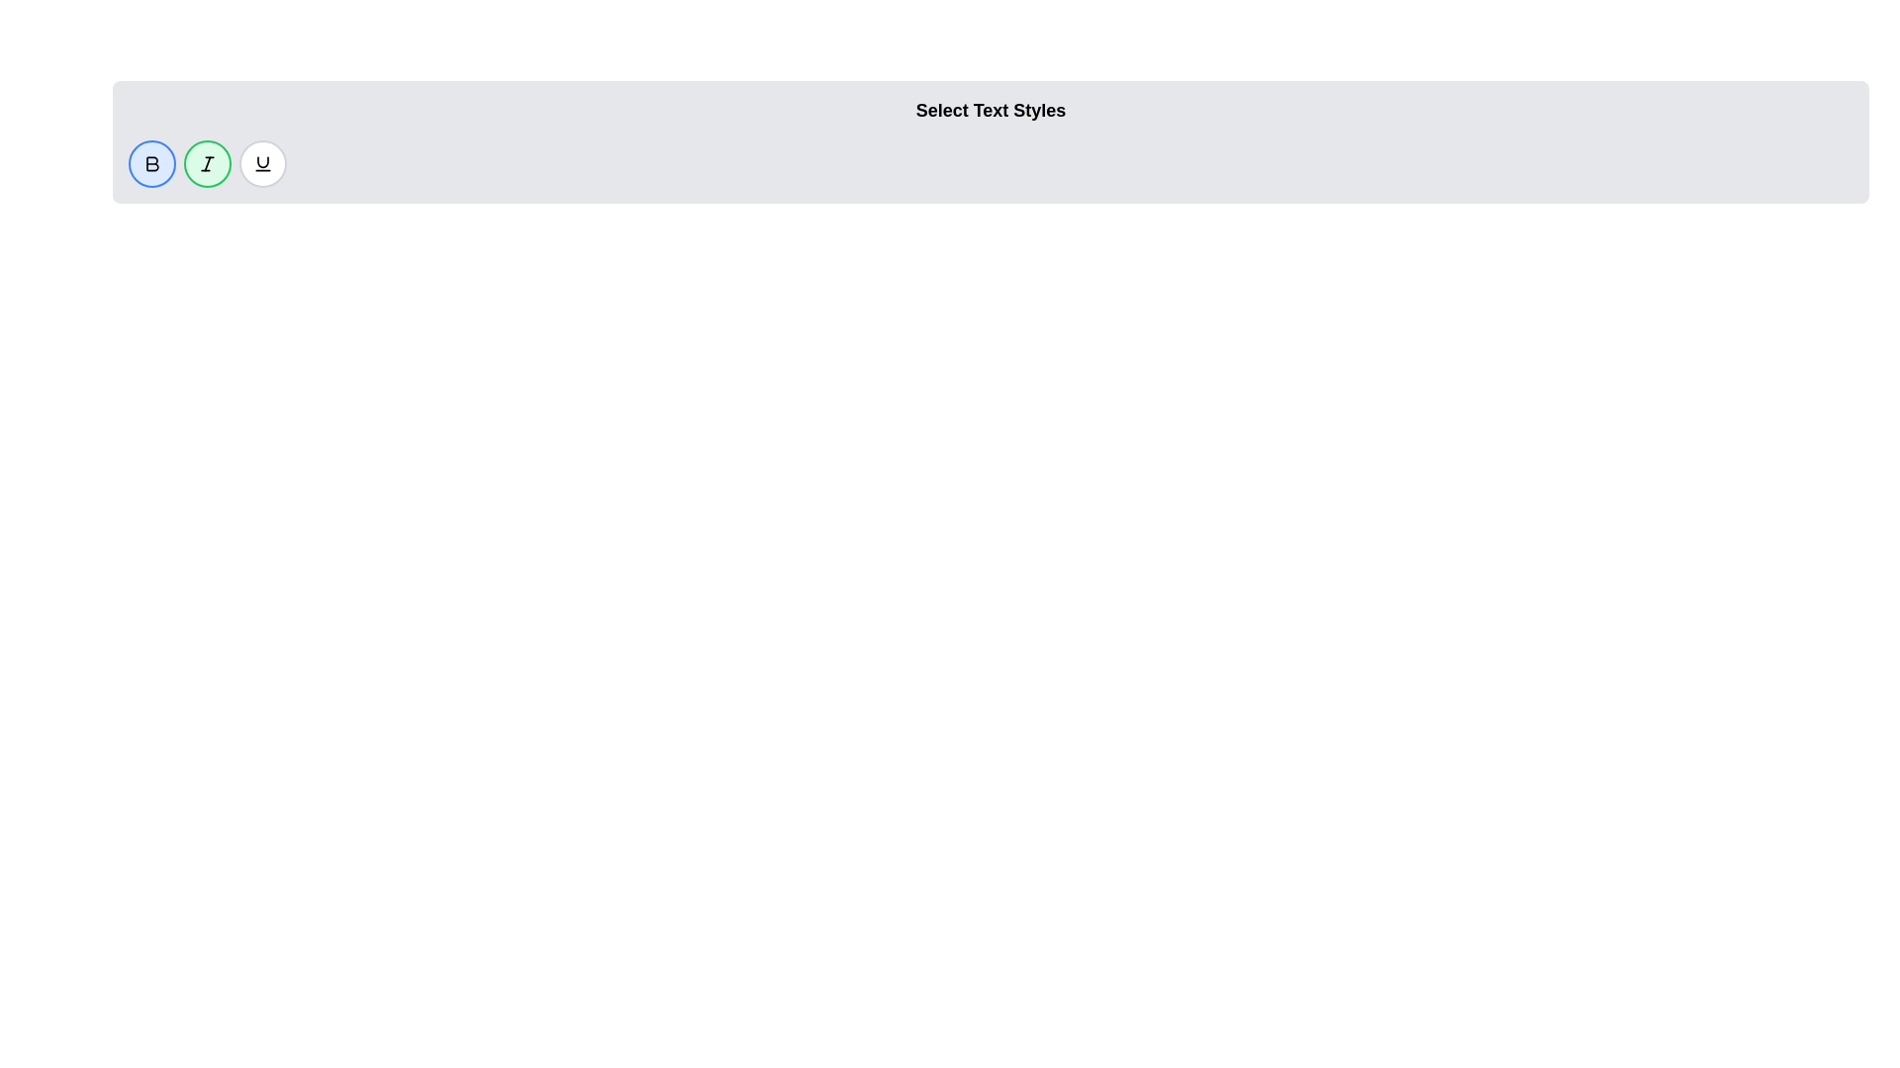 This screenshot has width=1900, height=1068. What do you see at coordinates (261, 162) in the screenshot?
I see `the circular underline button in the toolbar` at bounding box center [261, 162].